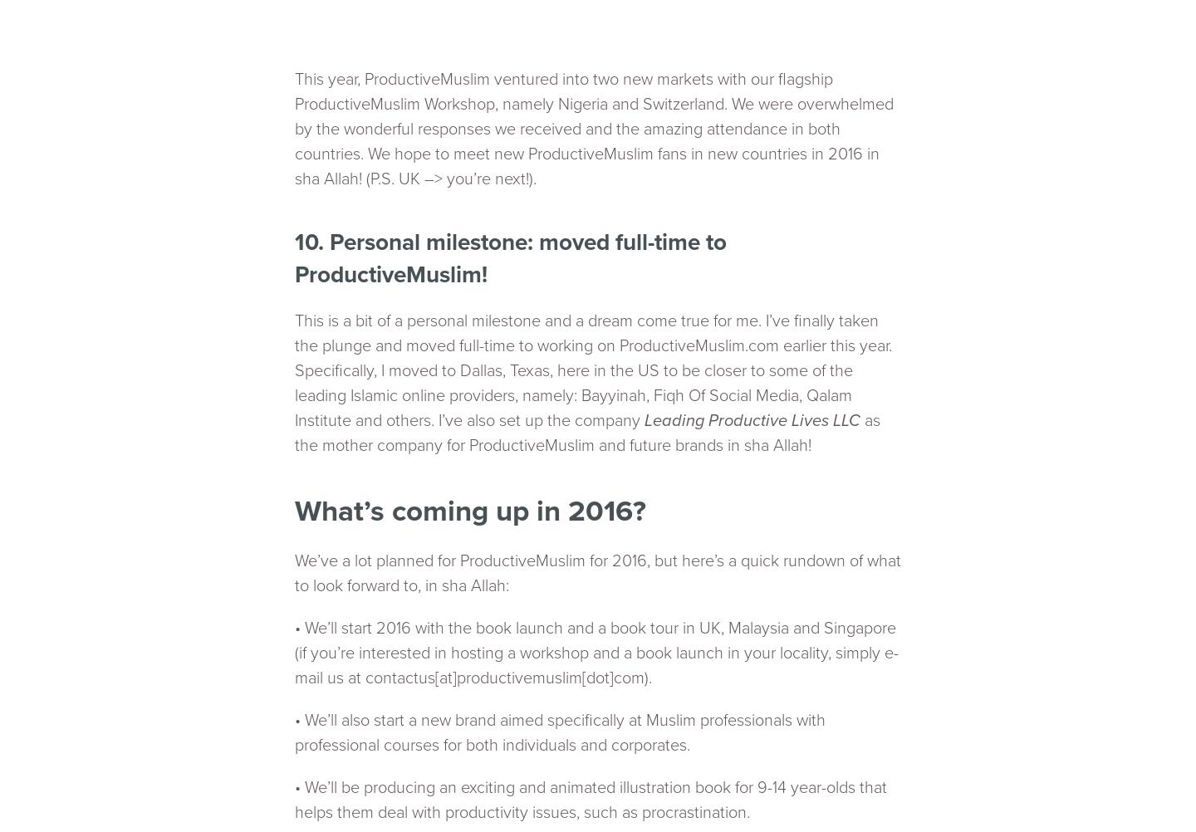 Image resolution: width=1196 pixels, height=832 pixels. I want to click on 'This is a bit of a personal milestone and a dream come true for me. I’ve finally taken the plunge and moved full-time to working on ProductiveMuslim.com earlier this year. Specifically, I moved to Dallas, Texas, here in the US to be closer to some of the leading Islamic online providers, namely: Bayyinah, Fiqh Of Social Media, Qalam Institute and others. I’ve also set up the company', so click(593, 370).